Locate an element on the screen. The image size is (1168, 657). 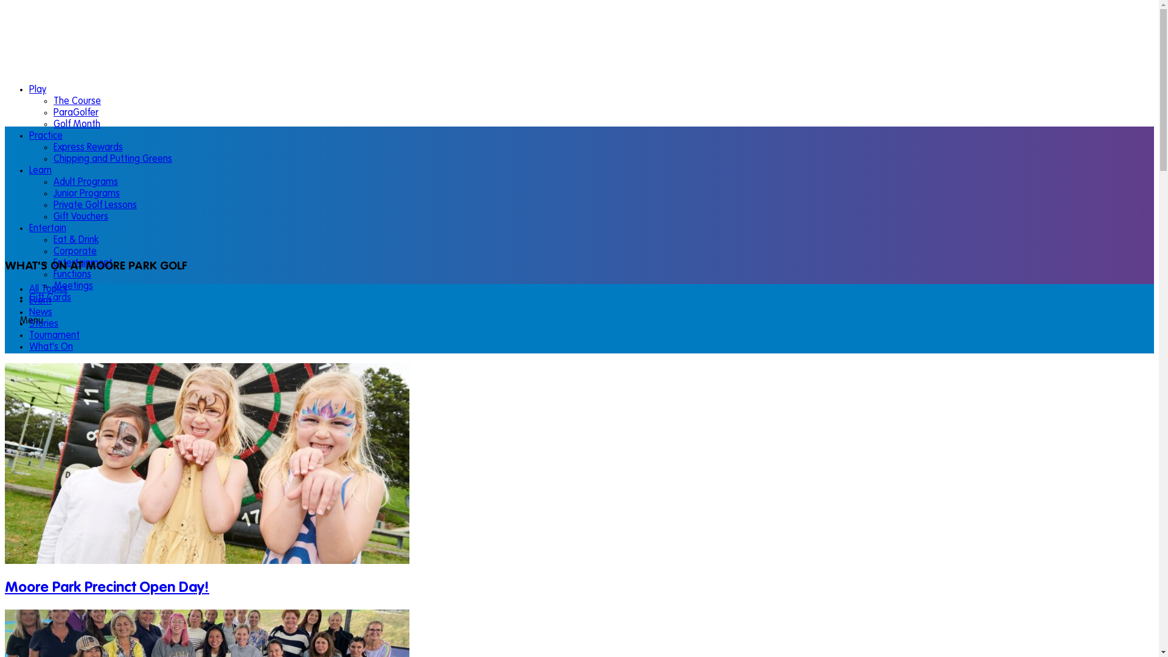
'Entertain' is located at coordinates (29, 228).